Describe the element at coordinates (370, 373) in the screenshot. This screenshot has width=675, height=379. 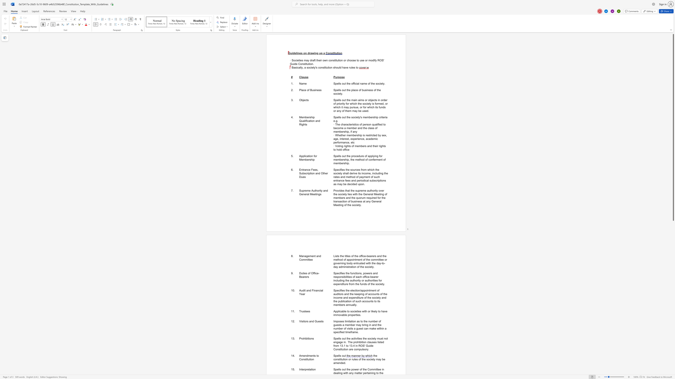
I see `the subset text "ning" within the text "pertaining to"` at that location.